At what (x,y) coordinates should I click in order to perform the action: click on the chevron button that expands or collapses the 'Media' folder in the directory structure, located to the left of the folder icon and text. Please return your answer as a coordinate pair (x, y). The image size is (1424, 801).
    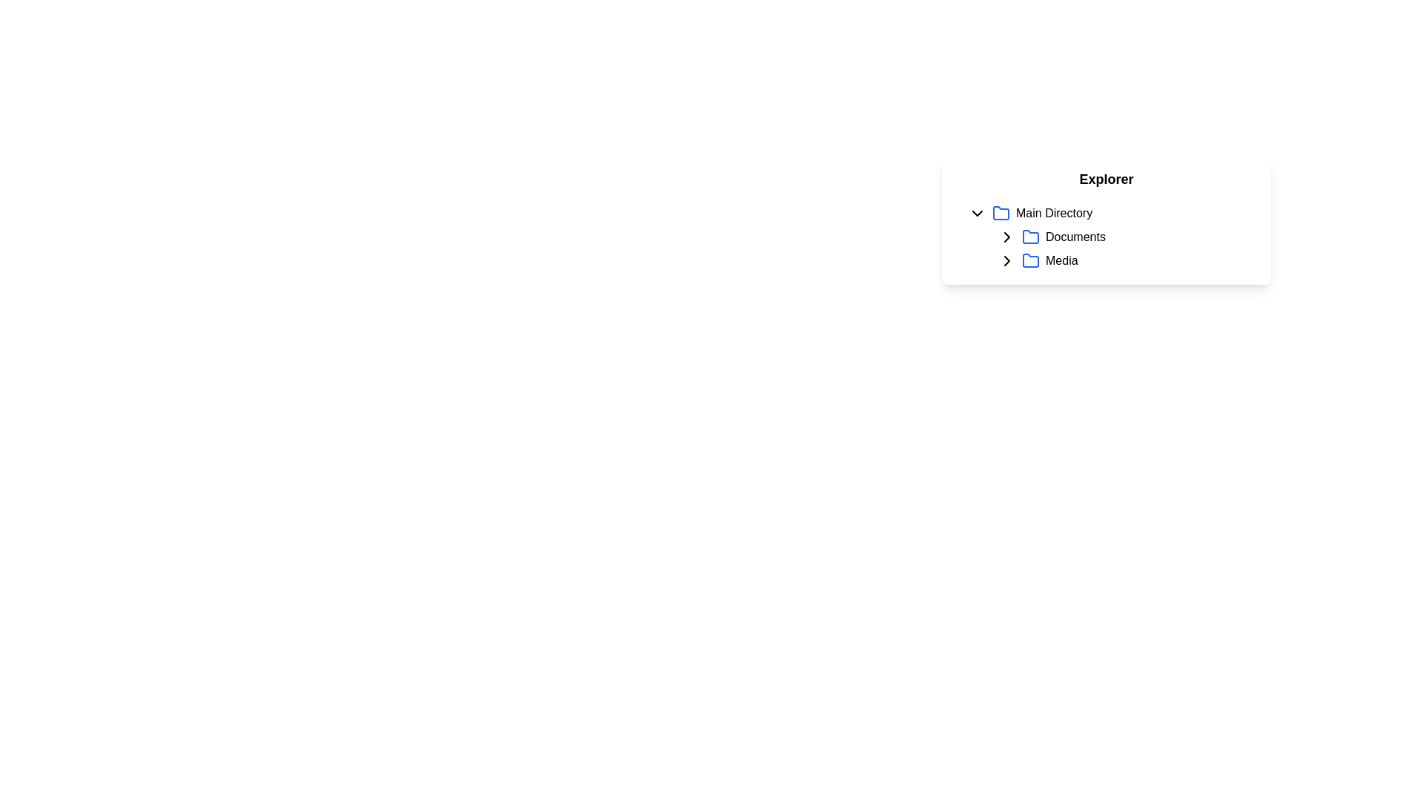
    Looking at the image, I should click on (1007, 260).